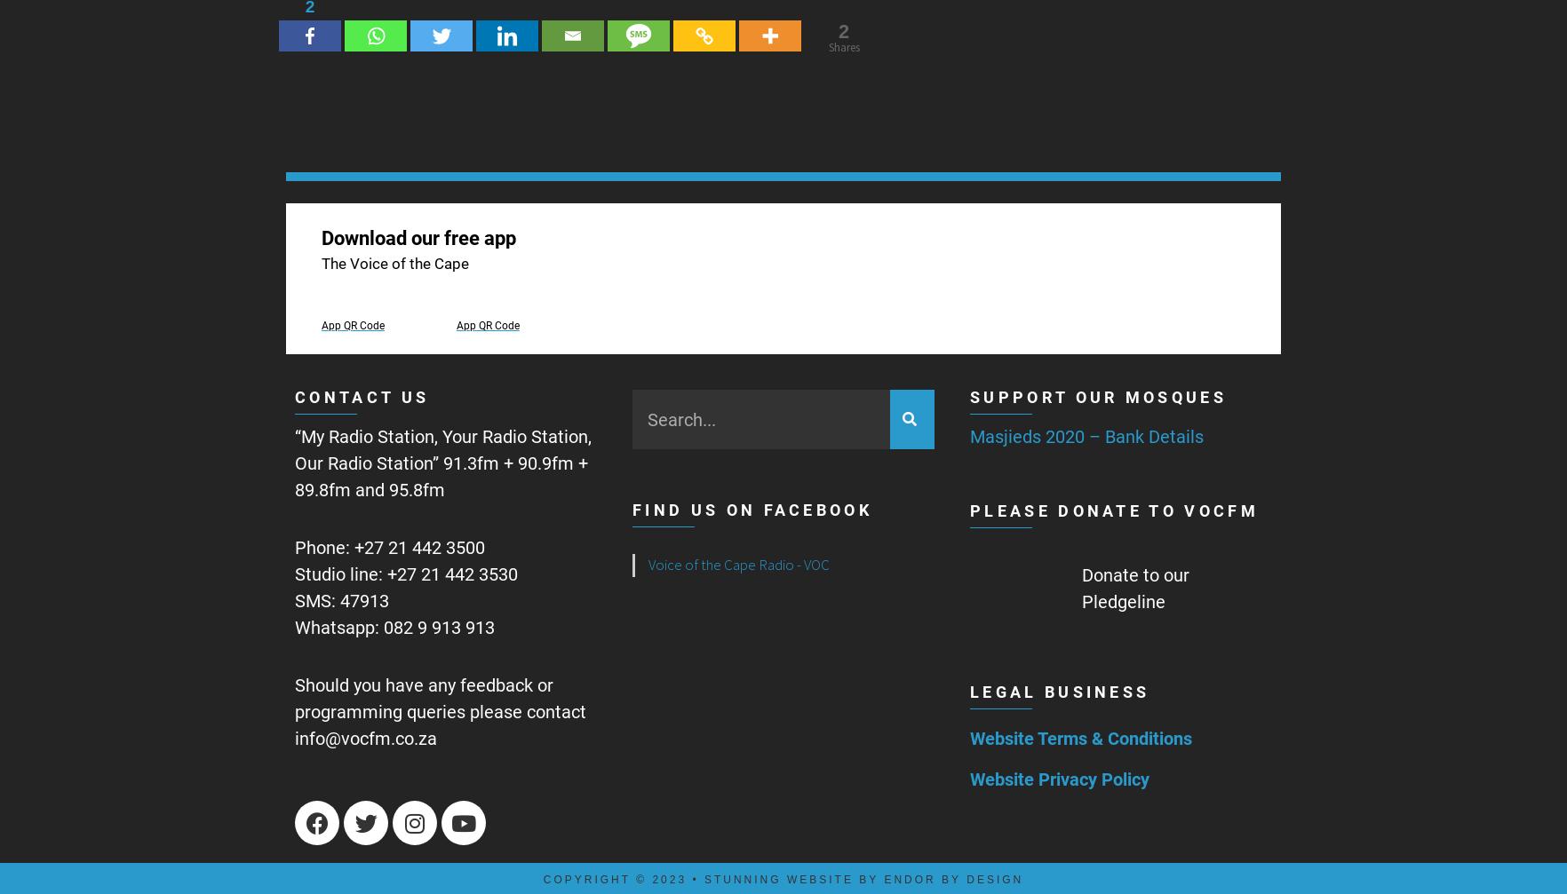 The width and height of the screenshot is (1567, 894). What do you see at coordinates (712, 878) in the screenshot?
I see `'Copyright © 2023 • Stunning website by'` at bounding box center [712, 878].